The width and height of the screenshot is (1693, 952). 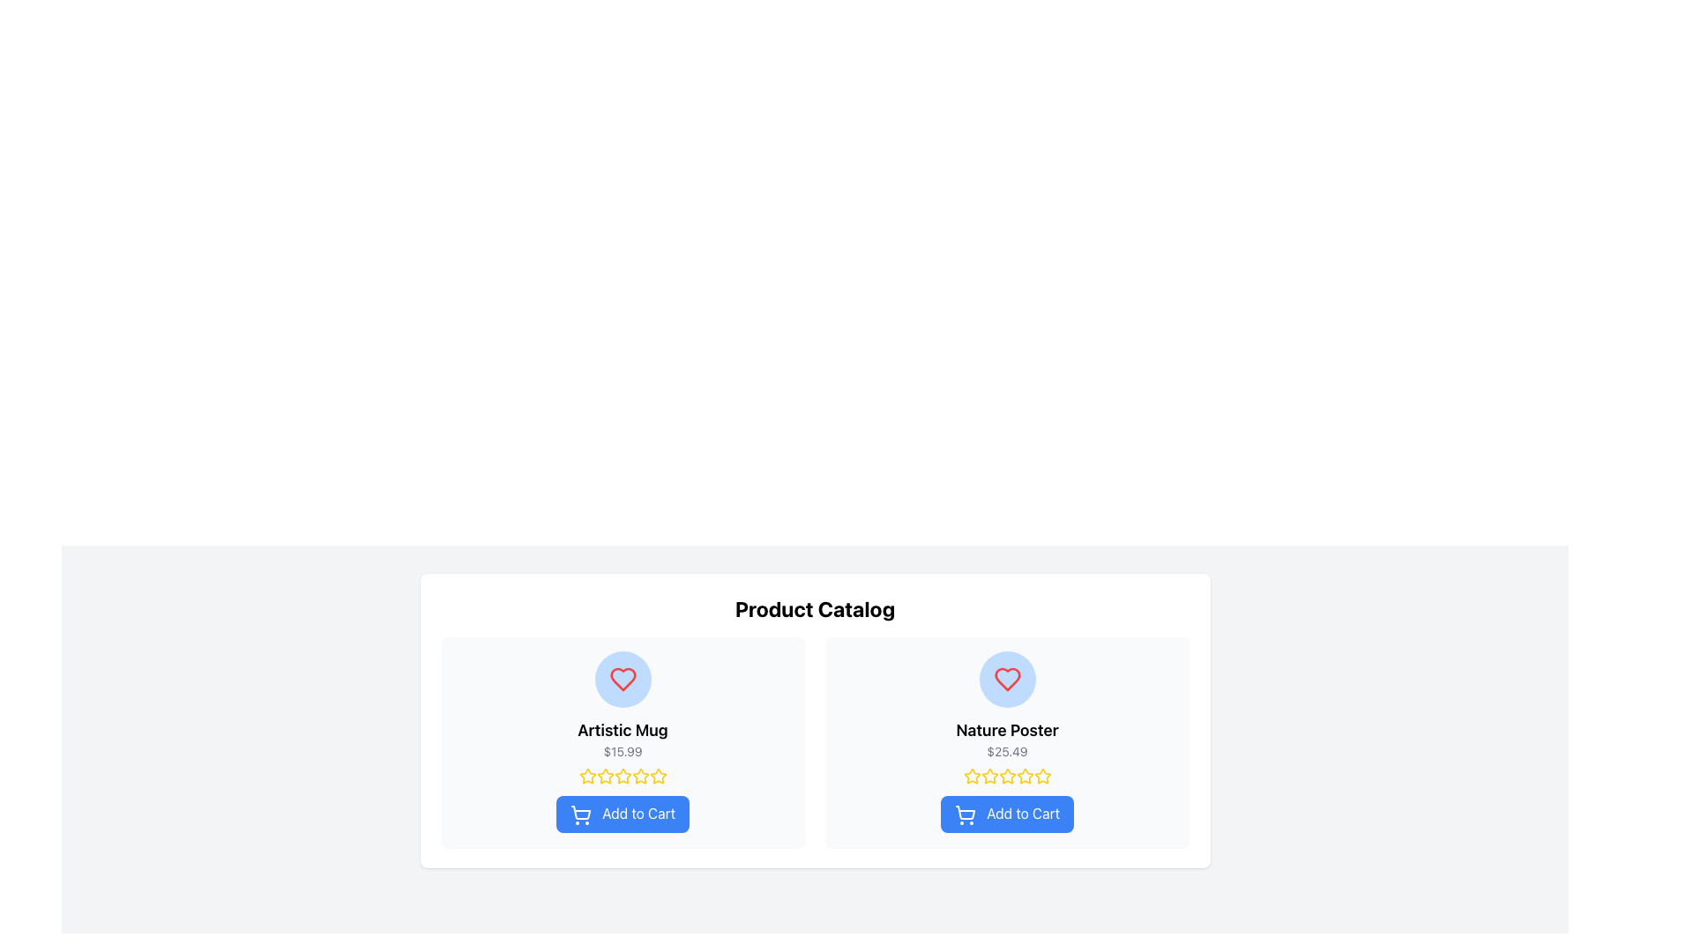 I want to click on the first yellow star icon in the Interactive Star Indicator below the 'Artistic Mug' text, so click(x=605, y=775).